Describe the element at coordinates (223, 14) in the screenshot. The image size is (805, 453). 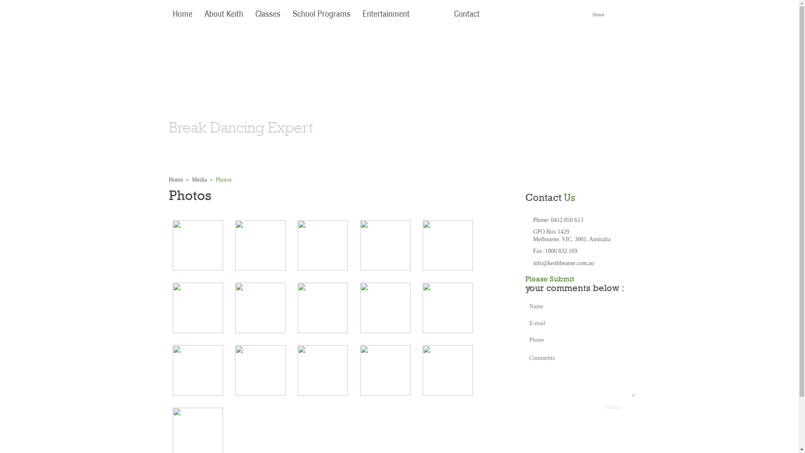
I see `'About Keith'` at that location.